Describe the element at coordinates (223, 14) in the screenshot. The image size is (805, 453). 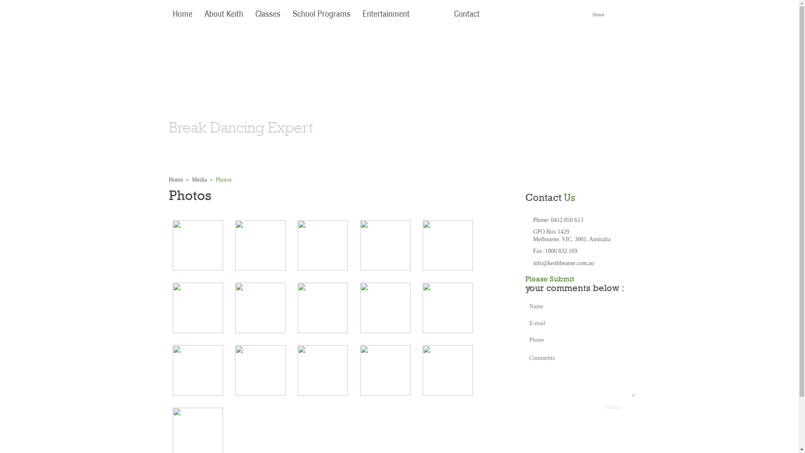
I see `'About Keith'` at that location.